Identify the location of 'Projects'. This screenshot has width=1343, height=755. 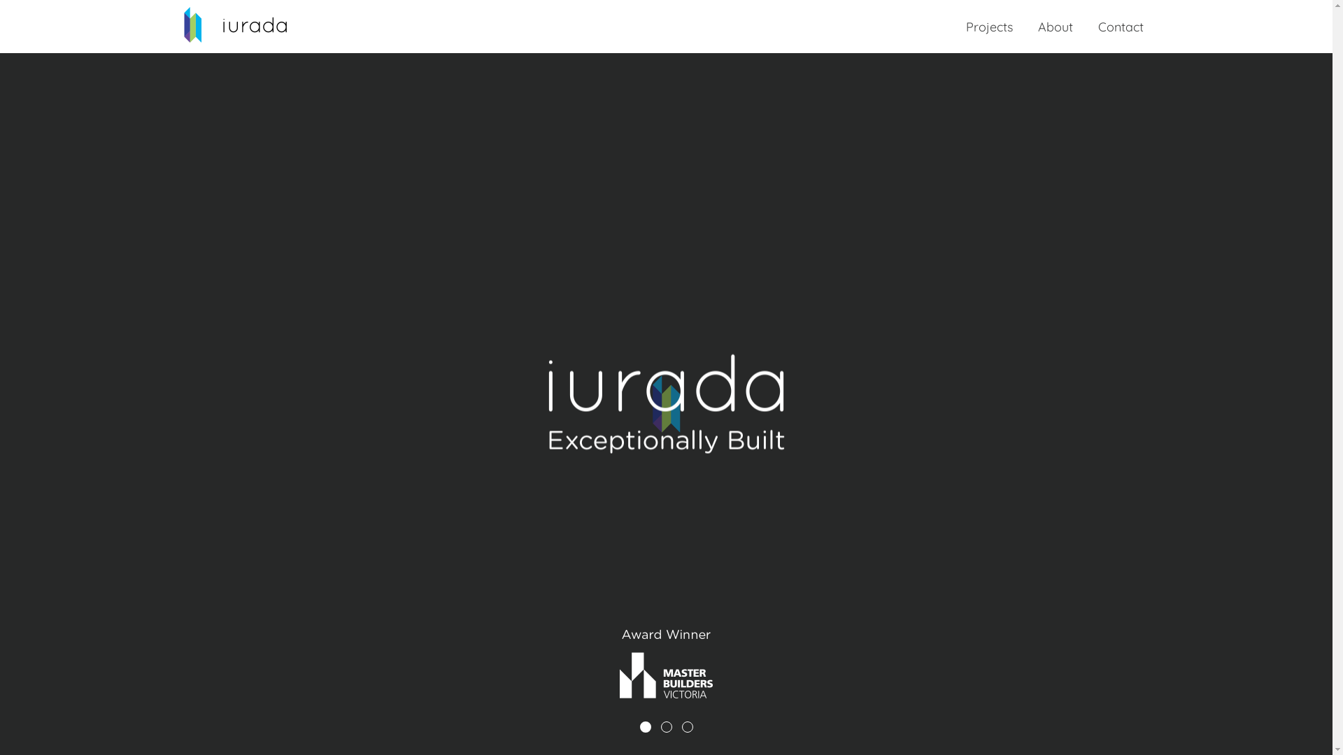
(988, 27).